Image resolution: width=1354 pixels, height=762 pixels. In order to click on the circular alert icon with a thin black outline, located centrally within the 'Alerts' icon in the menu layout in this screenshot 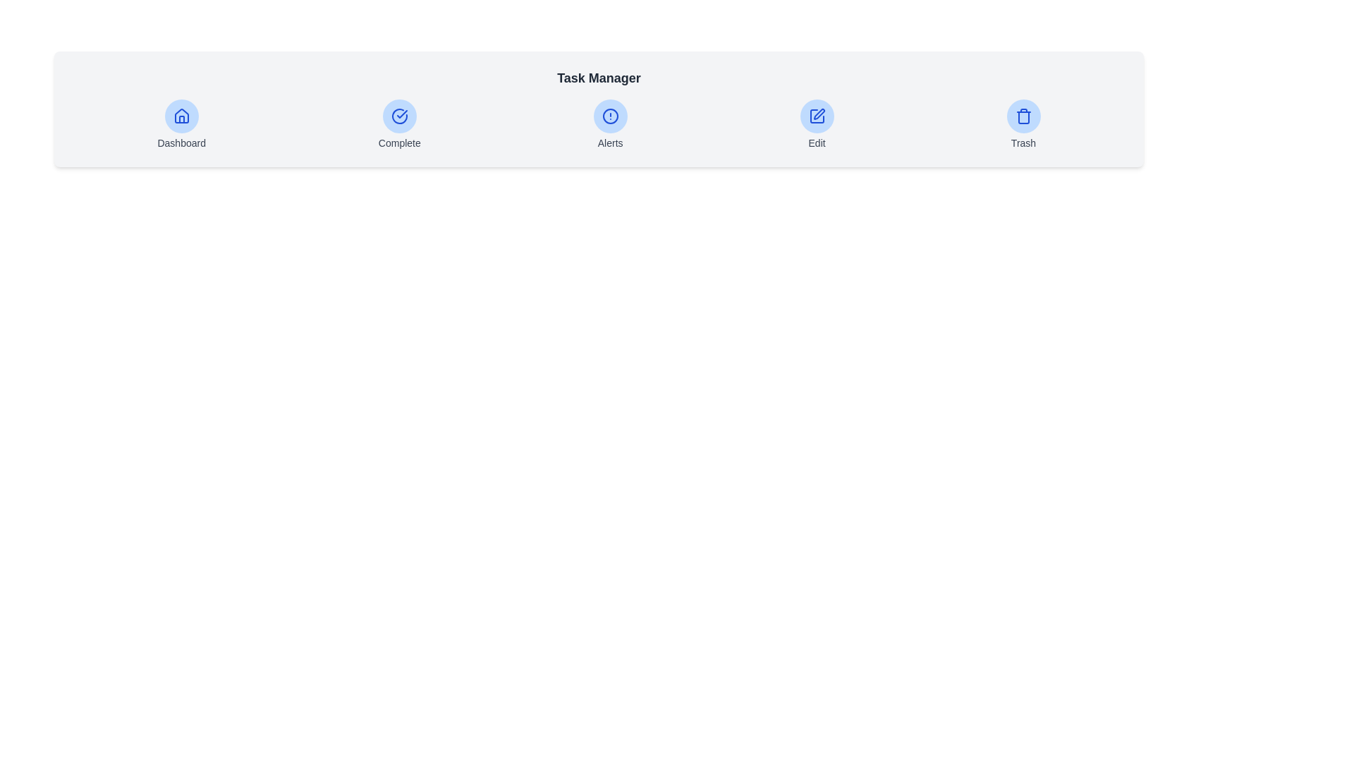, I will do `click(610, 116)`.